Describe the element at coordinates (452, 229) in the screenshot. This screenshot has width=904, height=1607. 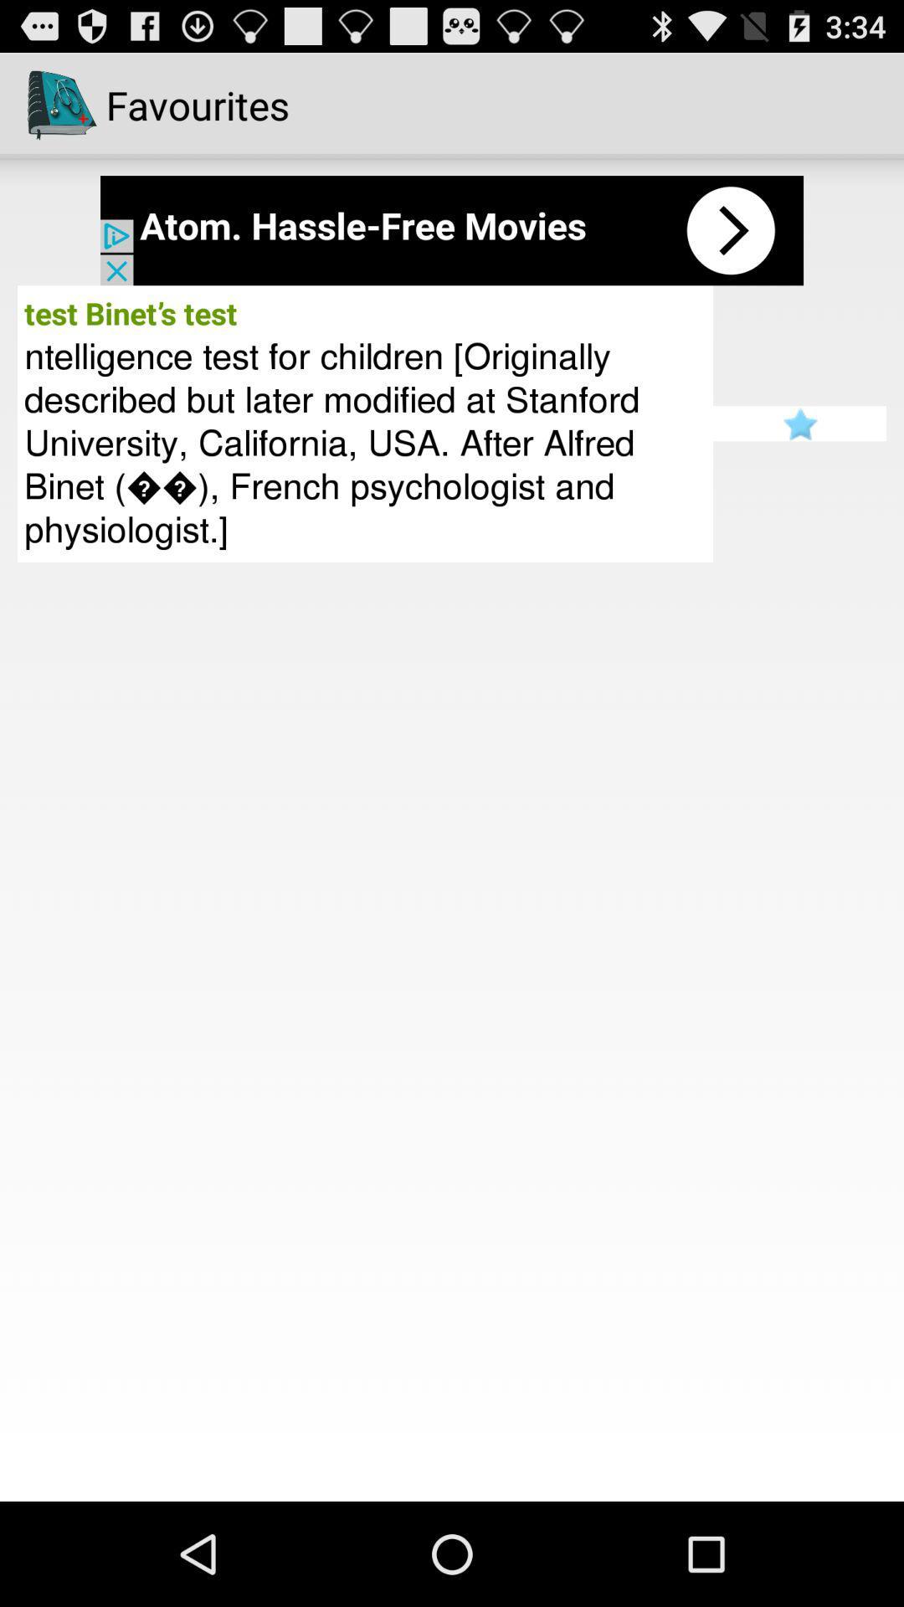
I see `advertisement box` at that location.